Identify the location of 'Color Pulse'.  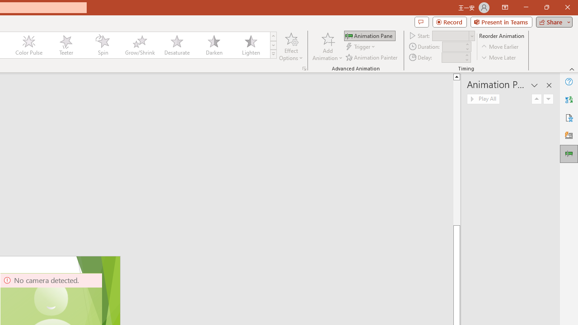
(29, 45).